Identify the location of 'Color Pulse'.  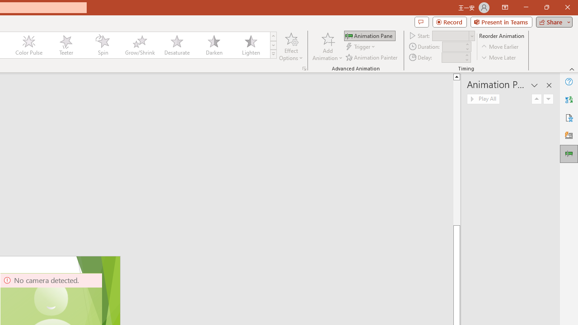
(29, 45).